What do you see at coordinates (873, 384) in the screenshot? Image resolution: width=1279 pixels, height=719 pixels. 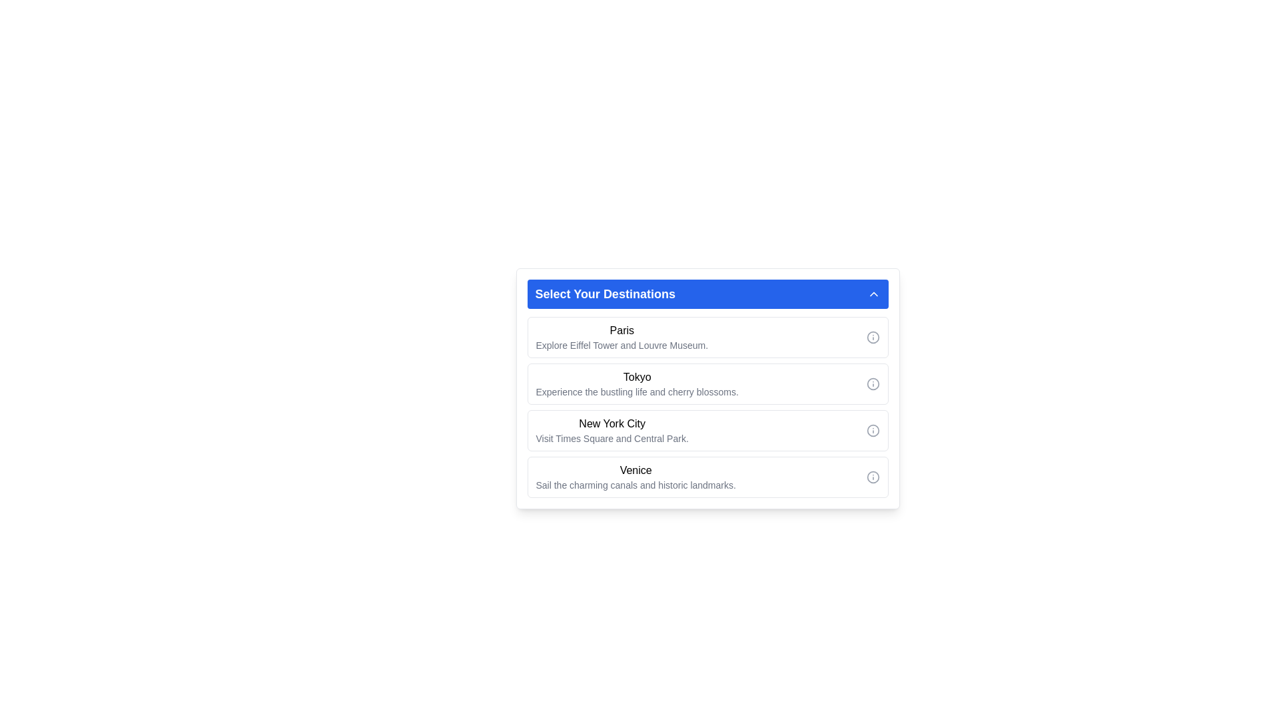 I see `the circular gray icon with a hollow ring and an exclamation point inside, located in the top-right section of the 'Tokyo' entry in the 'Select Your Destinations' list` at bounding box center [873, 384].